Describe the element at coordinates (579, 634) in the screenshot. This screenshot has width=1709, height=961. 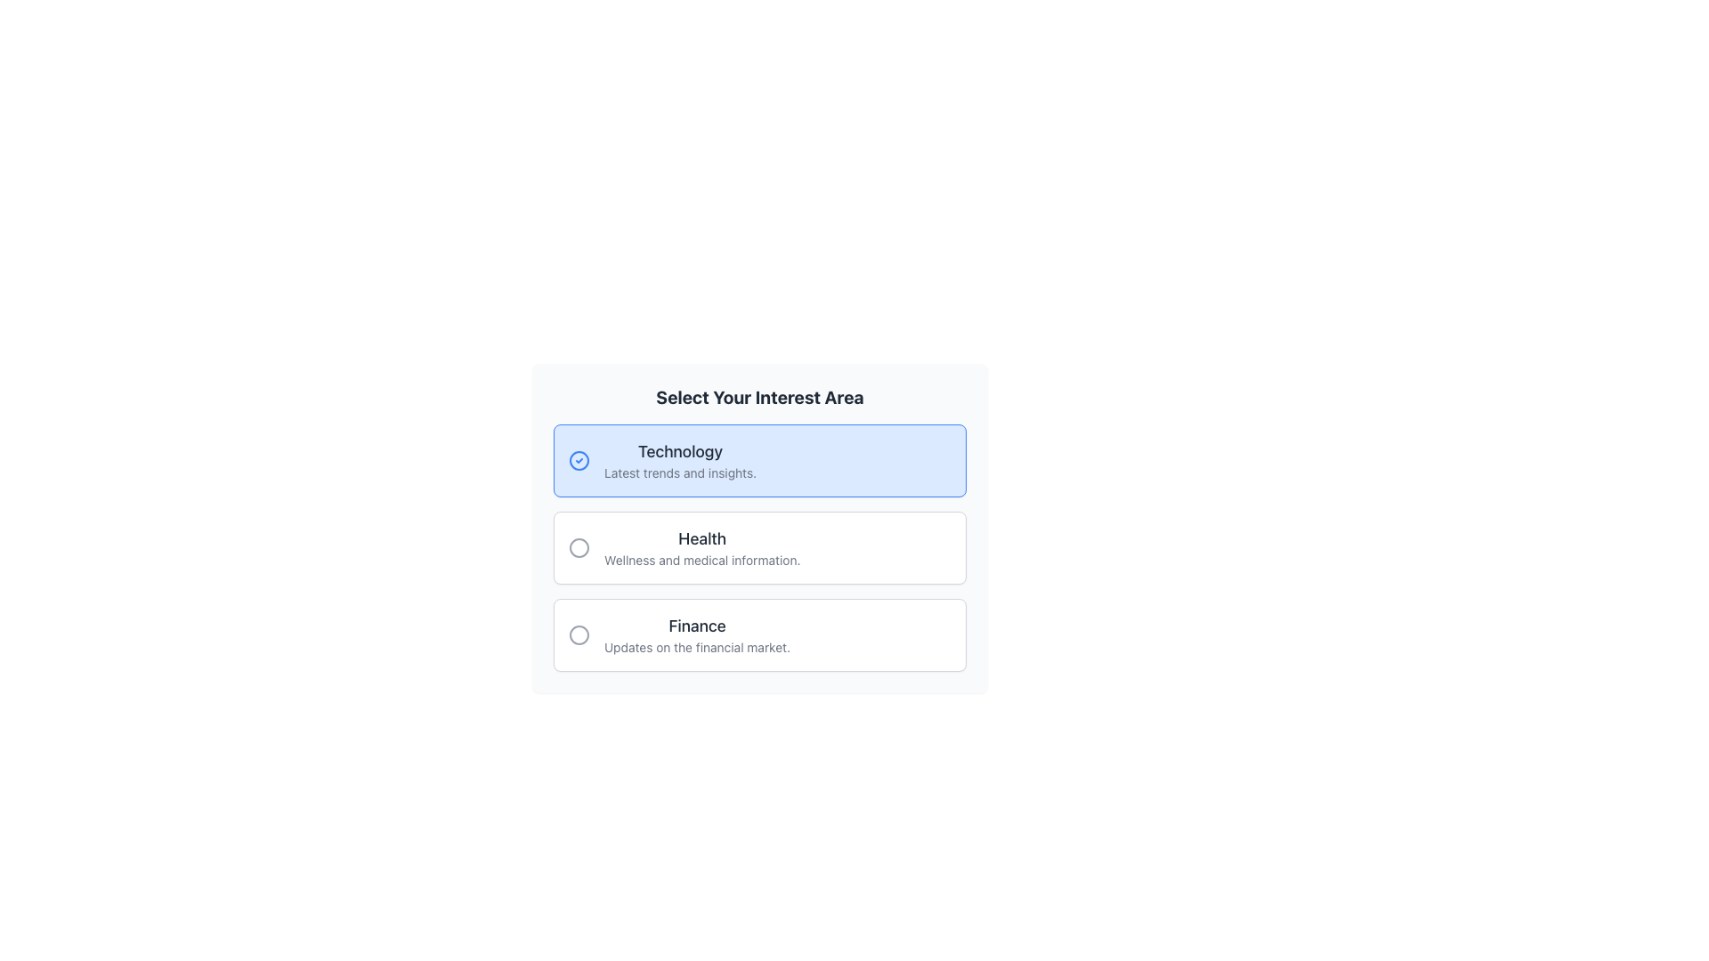
I see `the radio button next to the 'Finance' option located at the bottom of the selection list for interaction` at that location.